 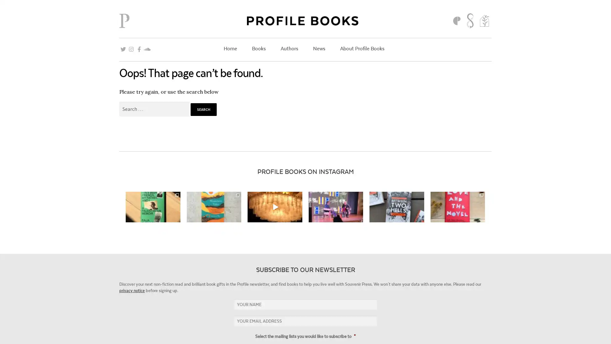 What do you see at coordinates (203, 109) in the screenshot?
I see `Search` at bounding box center [203, 109].